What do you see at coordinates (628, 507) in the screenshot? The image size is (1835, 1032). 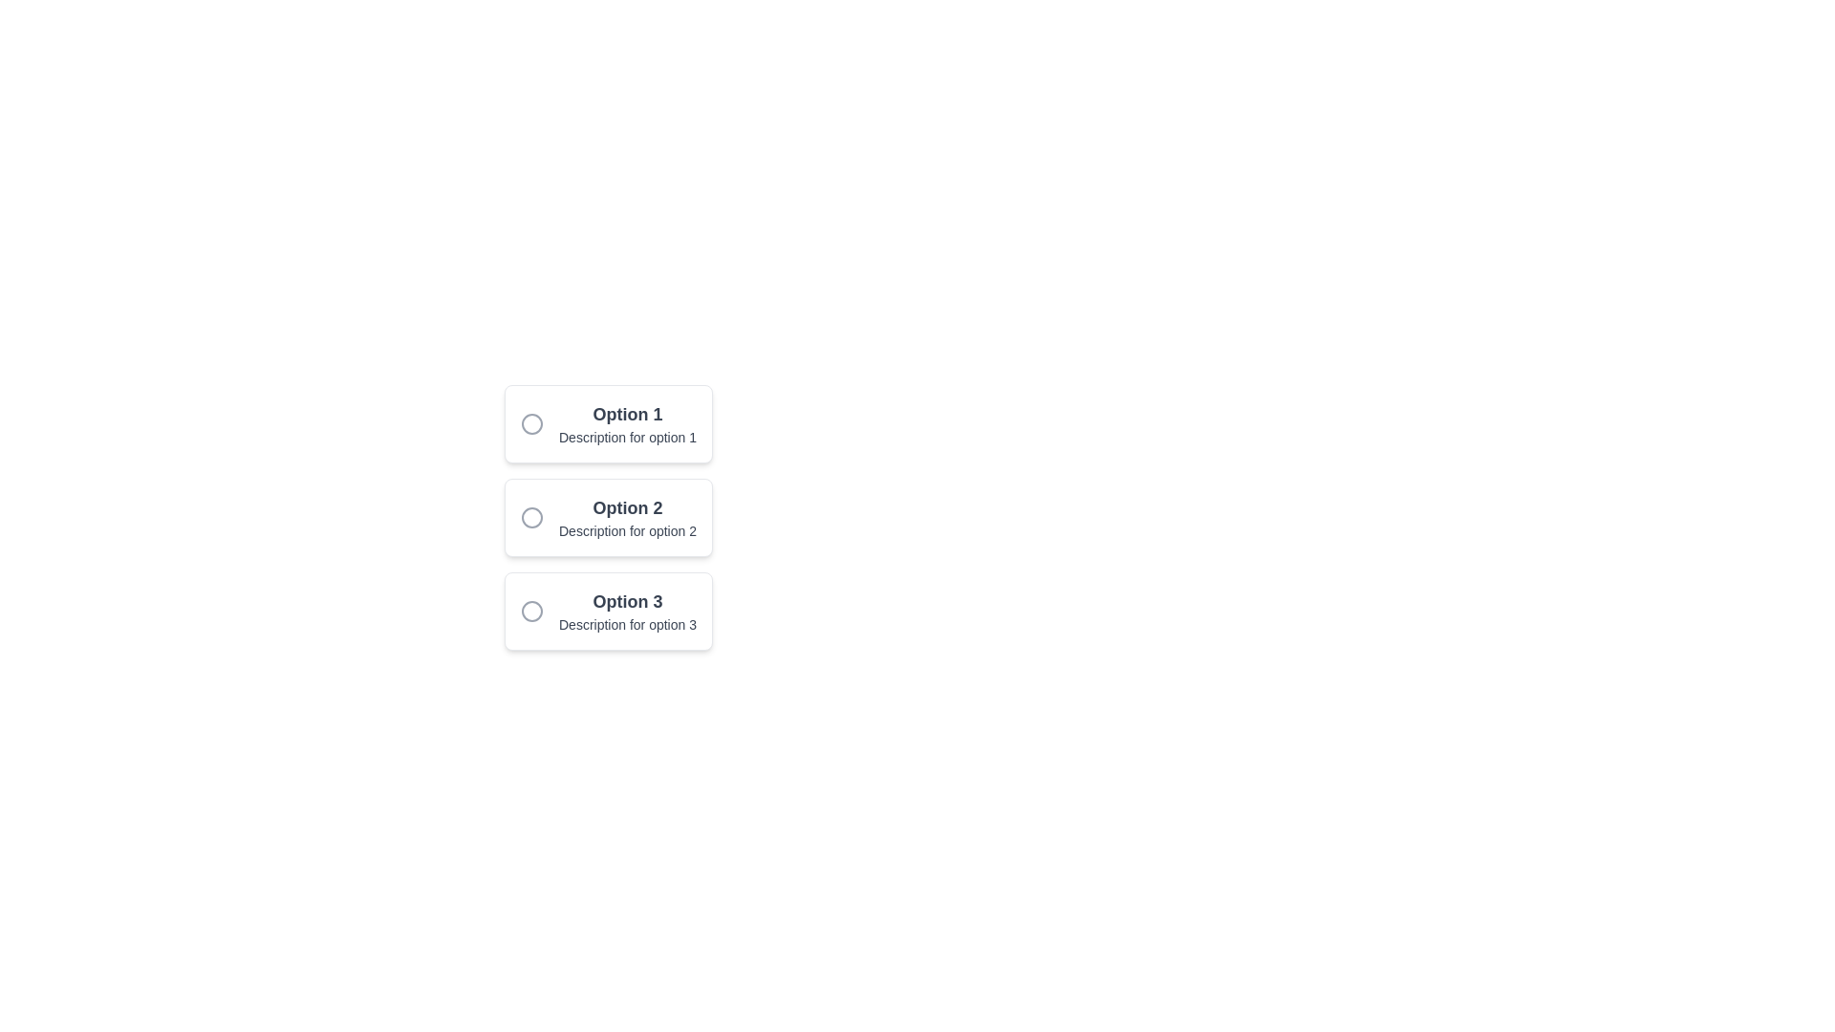 I see `label 'Option 2' which is the primary title for the second option in the vertical stack, visually distinguished by its bold and larger font` at bounding box center [628, 507].